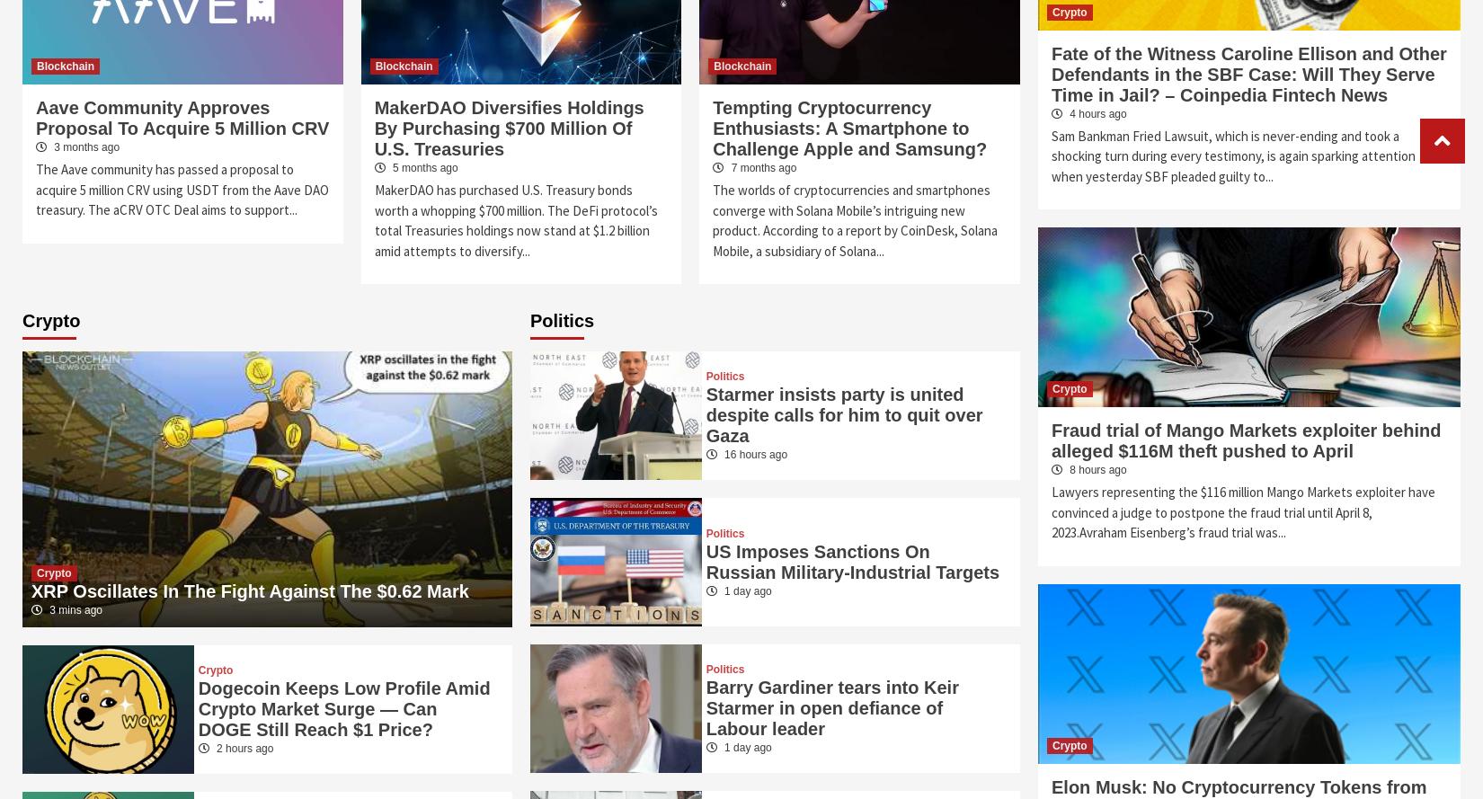 This screenshot has width=1483, height=799. What do you see at coordinates (1248, 72) in the screenshot?
I see `'Fate of the Witness Caroline Ellison and Other Defendants in the SBF Case: Will They Serve Time in Jail? – Coinpedia Fintech News'` at bounding box center [1248, 72].